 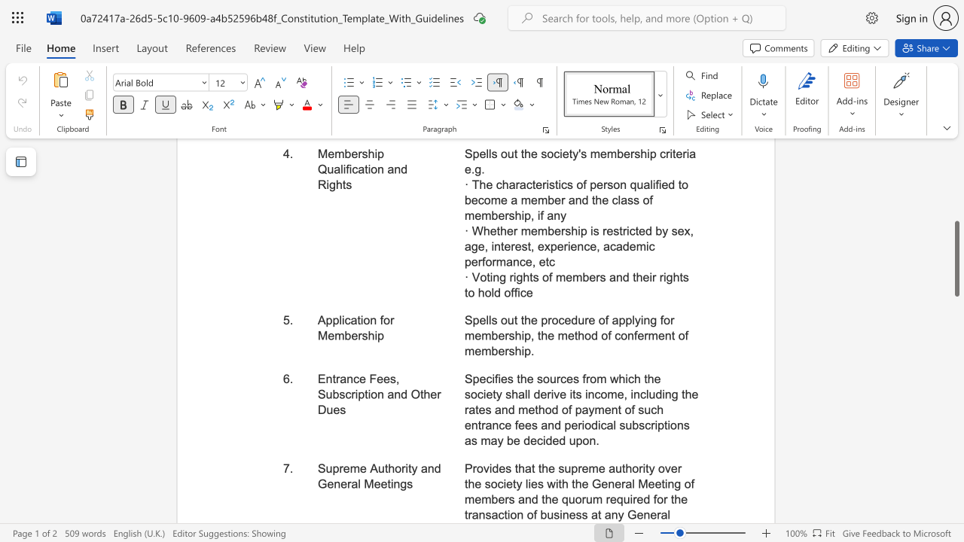 I want to click on the scrollbar and move up 470 pixels, so click(x=956, y=258).